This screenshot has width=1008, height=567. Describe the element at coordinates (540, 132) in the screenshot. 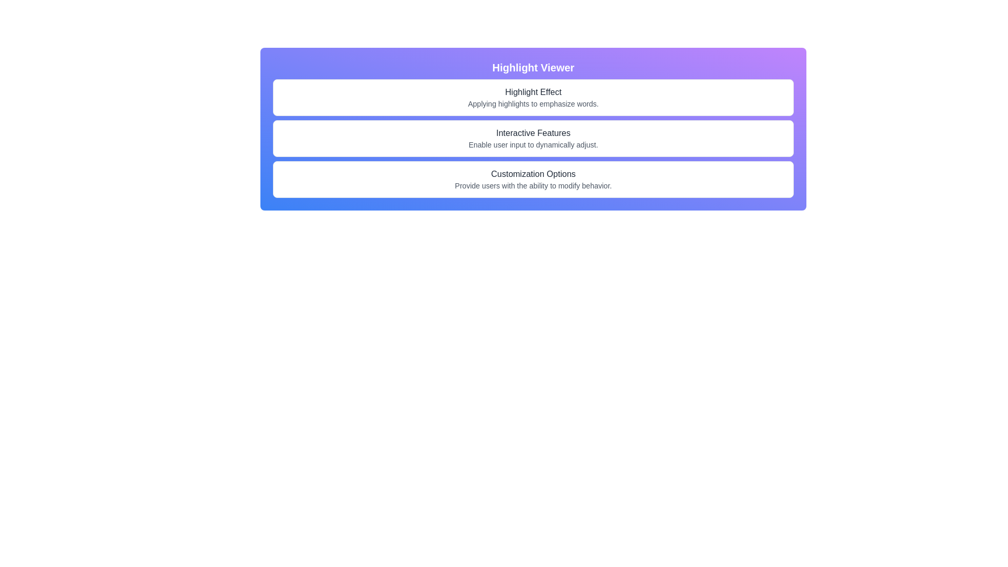

I see `the uppercase letter 'F' in the text 'Interactive Features', which is styled with underlined hover effects and is the thirteenth character in the line` at that location.